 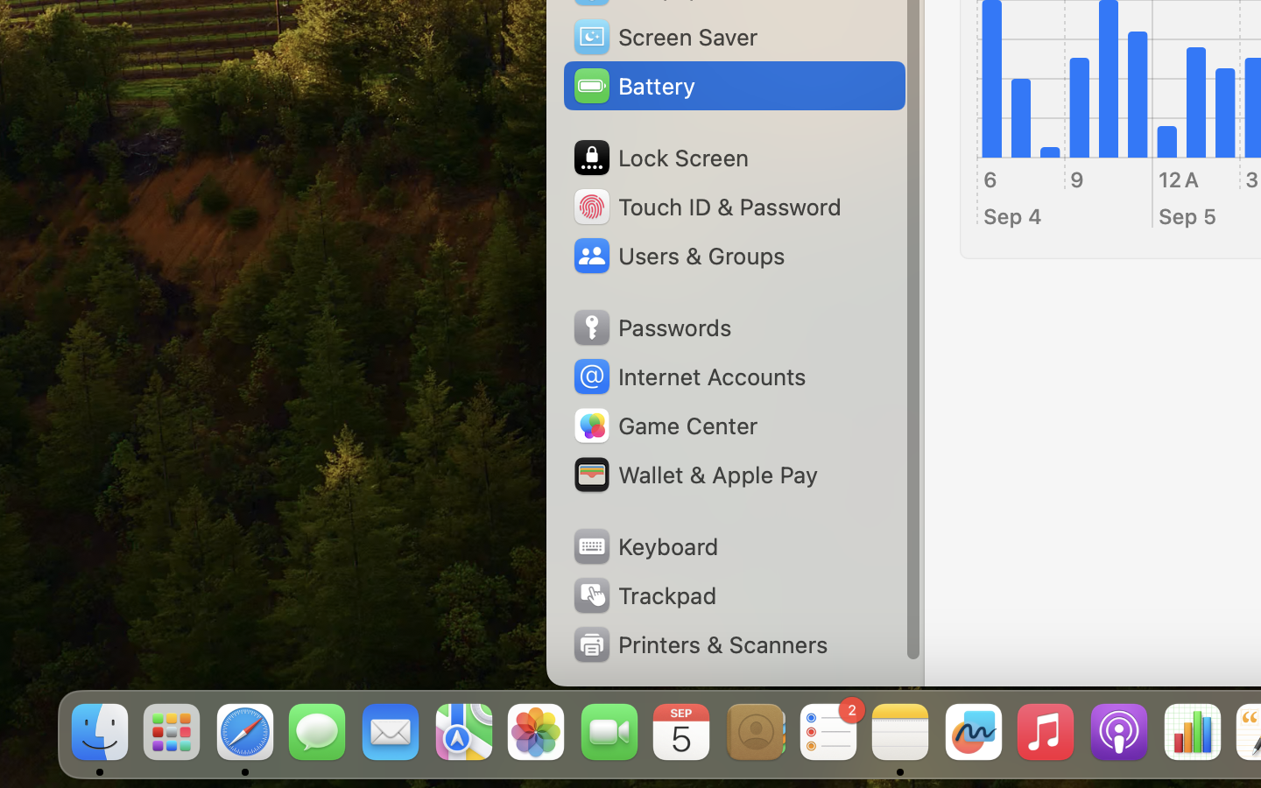 What do you see at coordinates (694, 473) in the screenshot?
I see `'Wallet & Apple Pay'` at bounding box center [694, 473].